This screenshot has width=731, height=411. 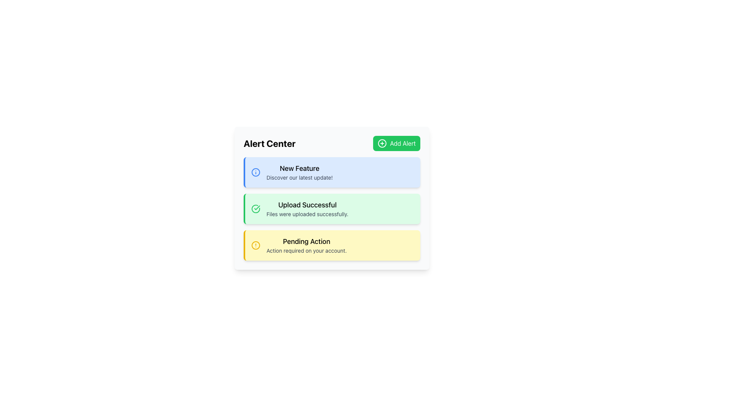 I want to click on the 'Add Alert' button with a green background and white text, located in the header section of the 'Alert Center', so click(x=396, y=143).